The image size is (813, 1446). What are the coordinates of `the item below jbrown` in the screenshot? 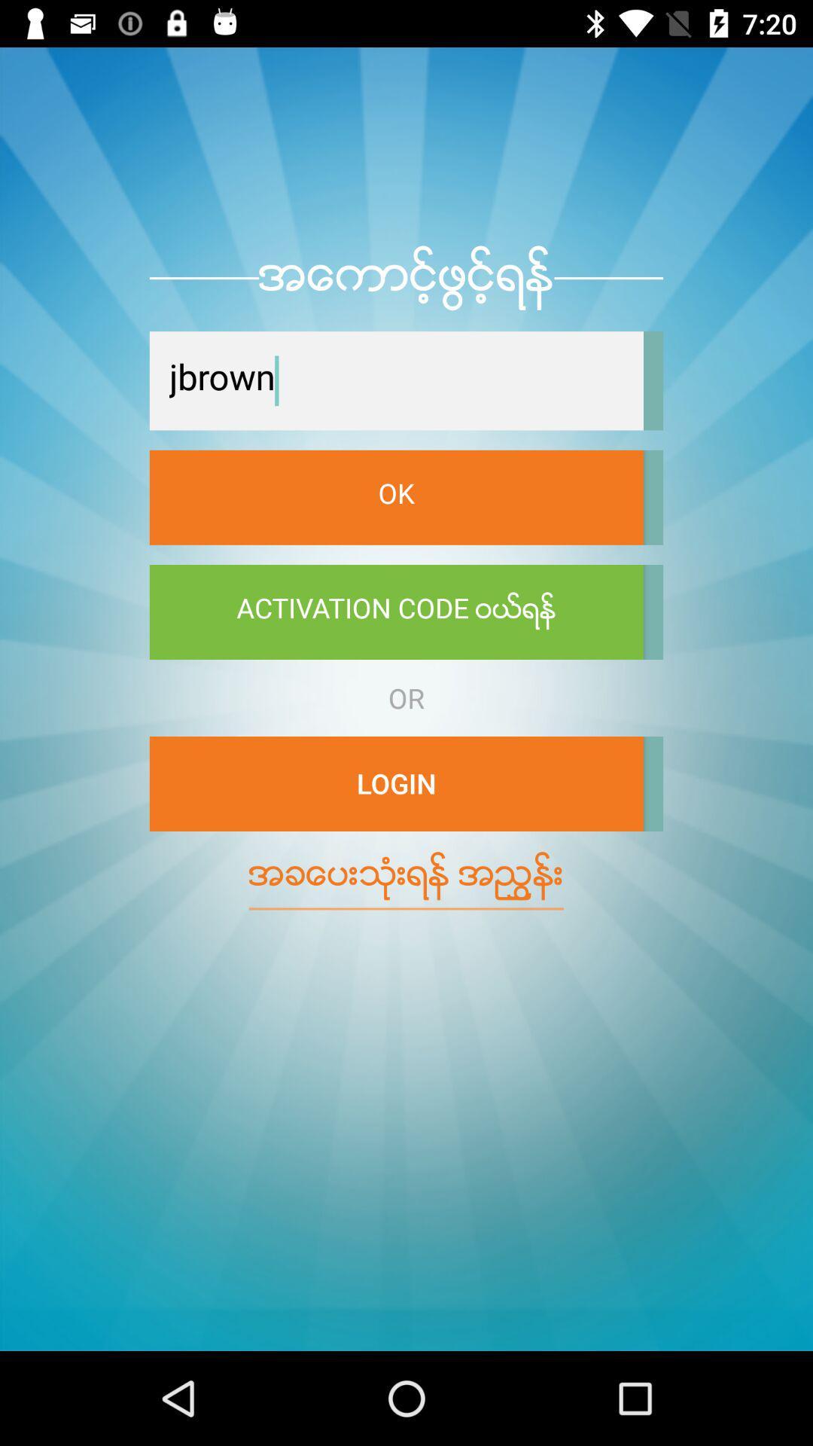 It's located at (395, 497).